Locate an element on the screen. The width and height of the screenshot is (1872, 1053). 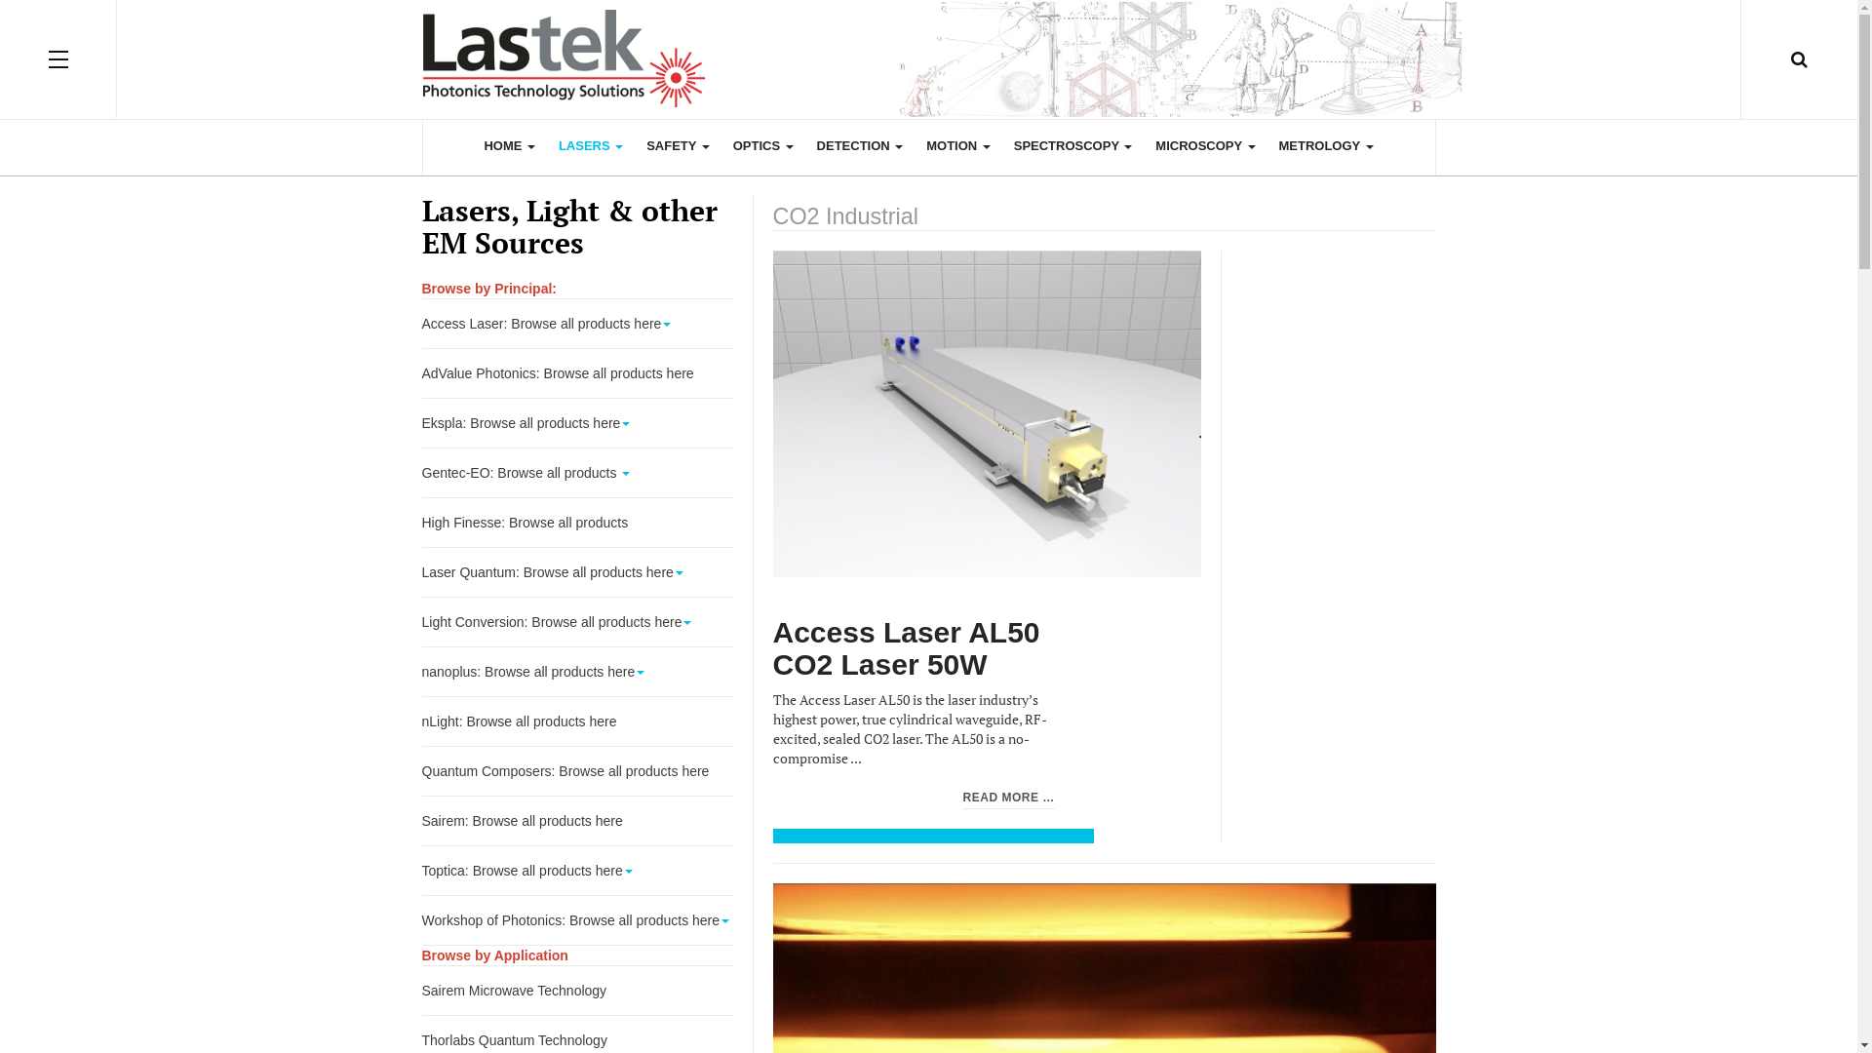
'Light Conversion: Browse all products here' is located at coordinates (575, 621).